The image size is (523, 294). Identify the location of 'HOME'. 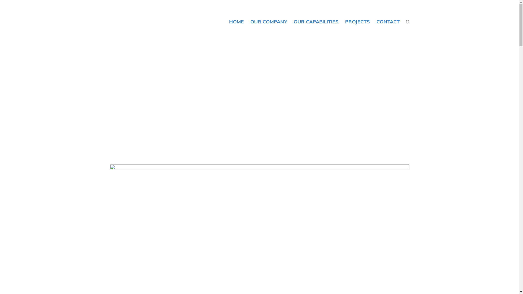
(236, 22).